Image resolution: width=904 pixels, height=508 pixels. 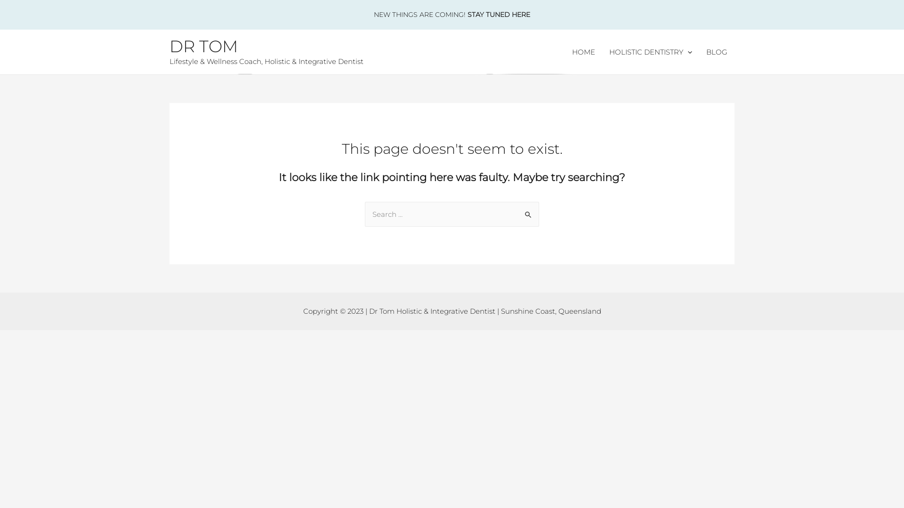 I want to click on 'HOLISTIC DENTISTRY', so click(x=650, y=52).